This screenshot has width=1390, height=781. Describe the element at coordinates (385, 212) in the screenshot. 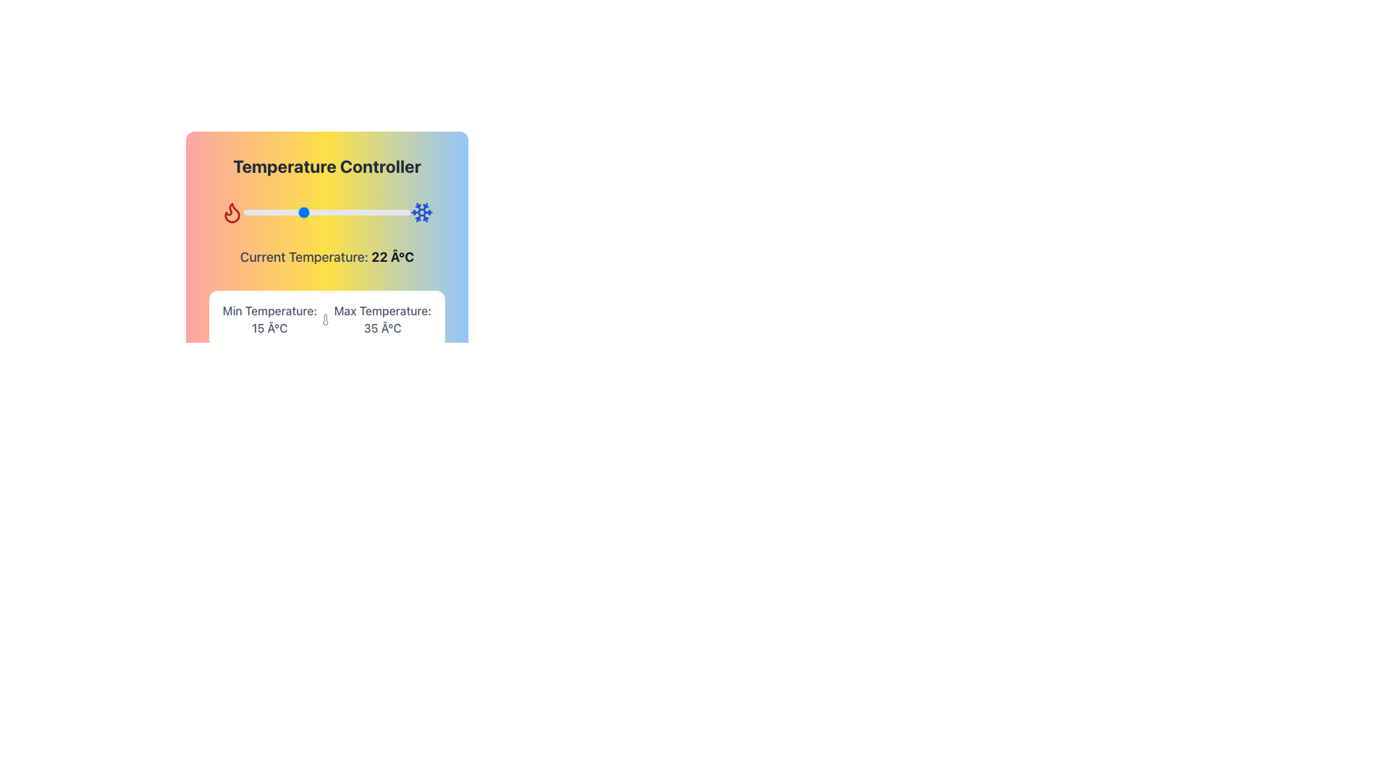

I see `temperature` at that location.